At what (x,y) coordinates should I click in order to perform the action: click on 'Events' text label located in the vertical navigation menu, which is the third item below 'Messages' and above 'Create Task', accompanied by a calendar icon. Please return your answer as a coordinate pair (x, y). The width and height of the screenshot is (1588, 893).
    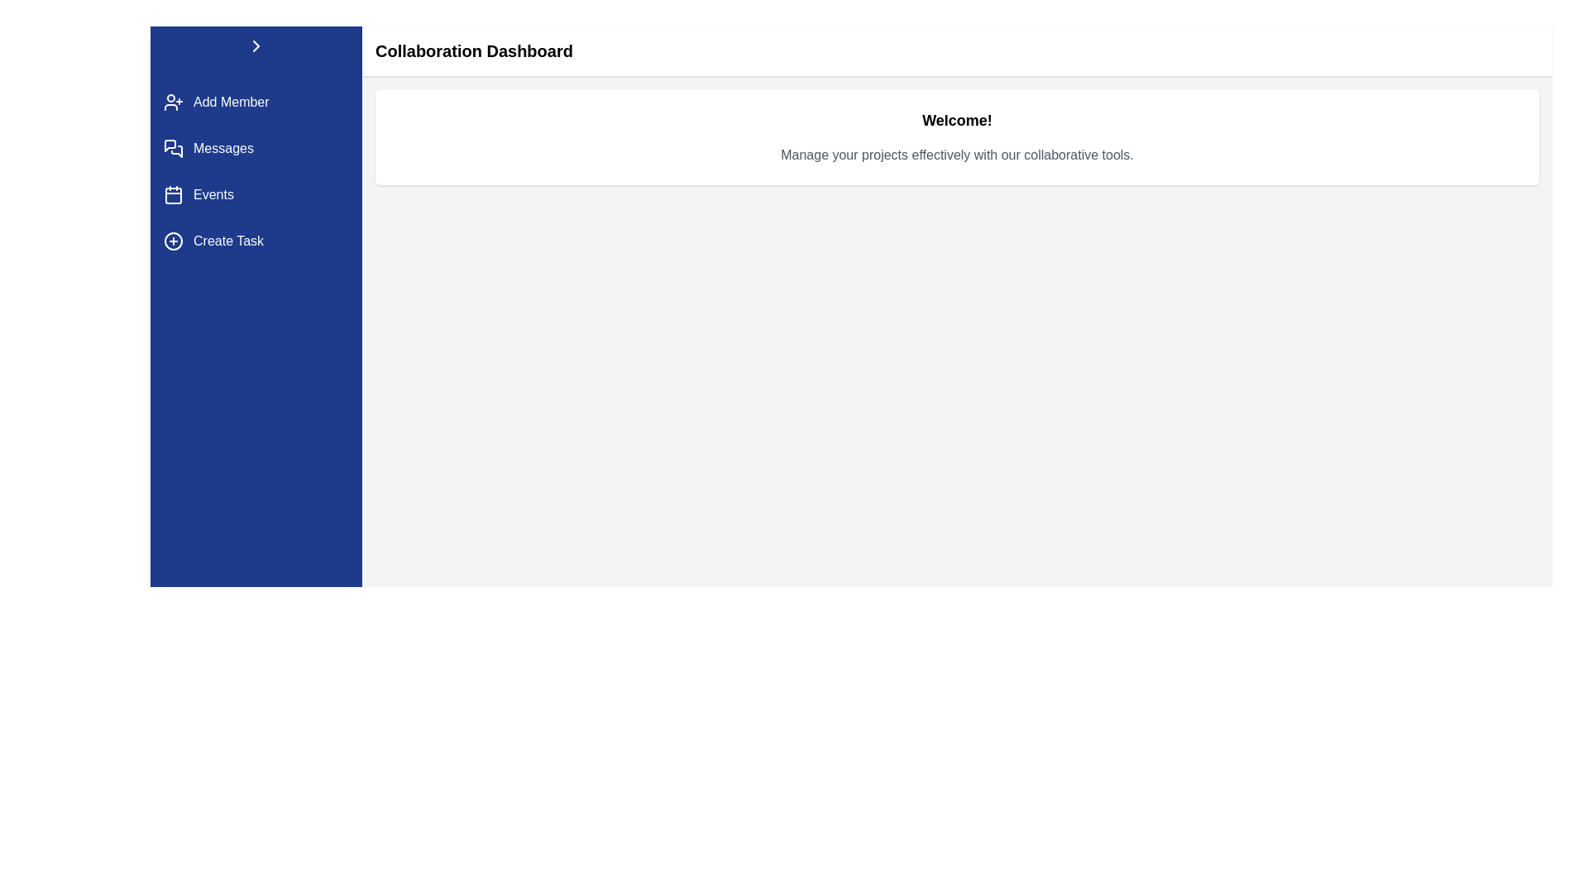
    Looking at the image, I should click on (213, 193).